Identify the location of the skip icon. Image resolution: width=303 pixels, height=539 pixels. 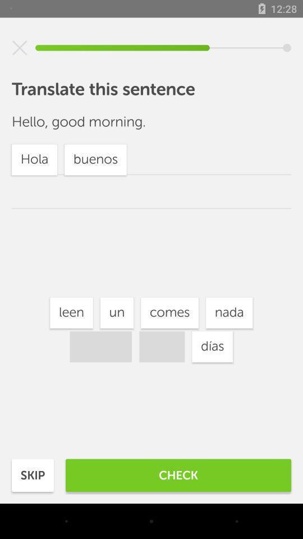
(33, 474).